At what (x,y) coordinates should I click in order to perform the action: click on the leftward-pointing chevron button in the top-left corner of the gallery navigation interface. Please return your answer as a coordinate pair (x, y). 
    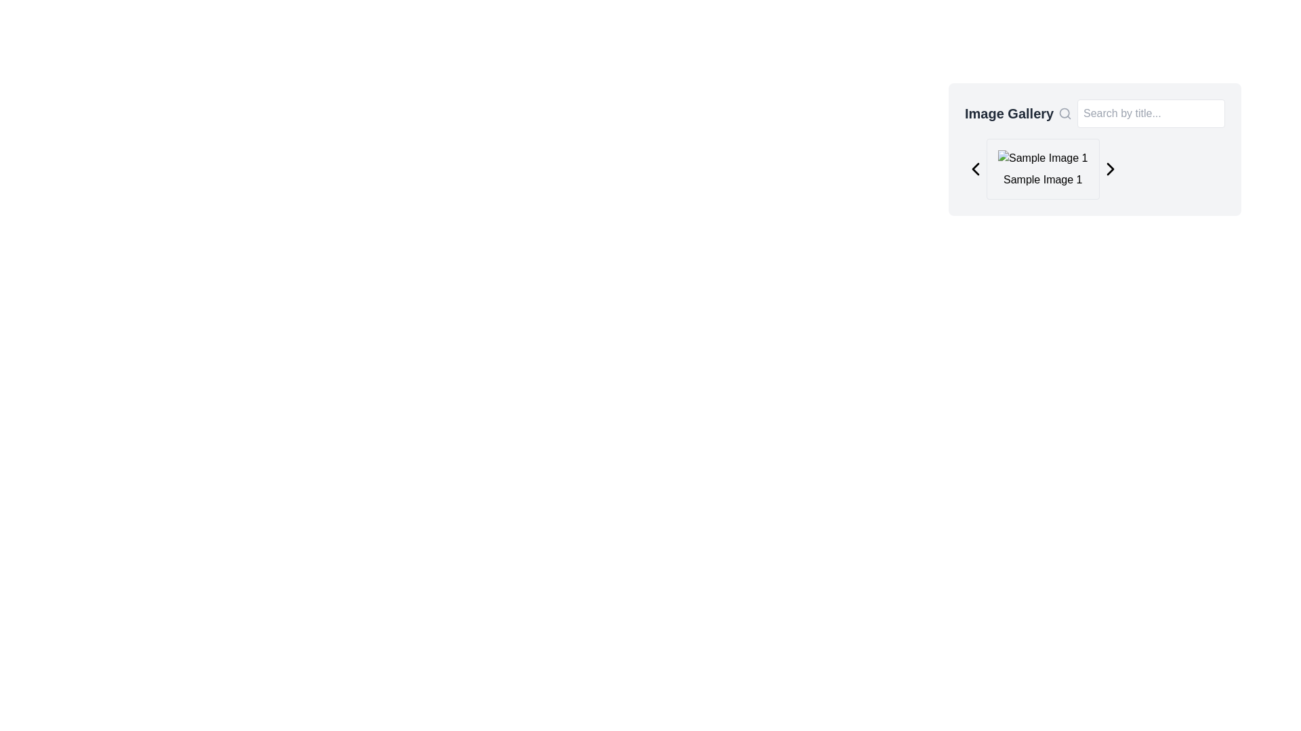
    Looking at the image, I should click on (976, 169).